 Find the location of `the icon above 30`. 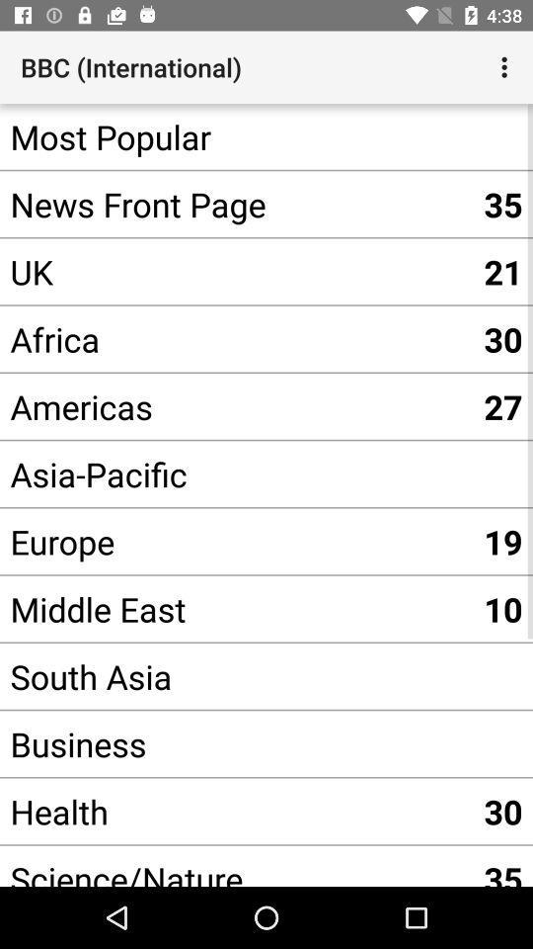

the icon above 30 is located at coordinates (236, 742).